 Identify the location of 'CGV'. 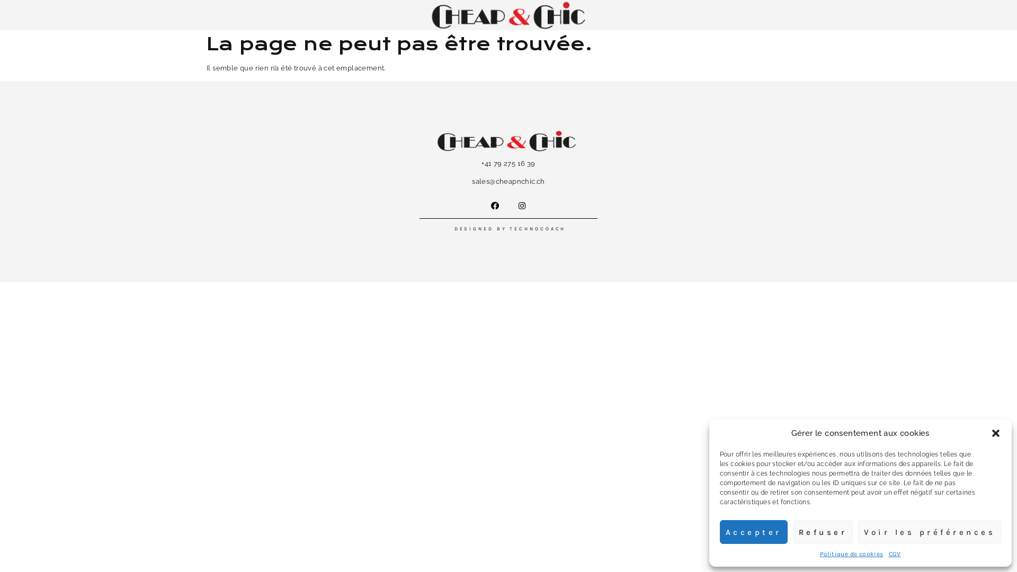
(889, 553).